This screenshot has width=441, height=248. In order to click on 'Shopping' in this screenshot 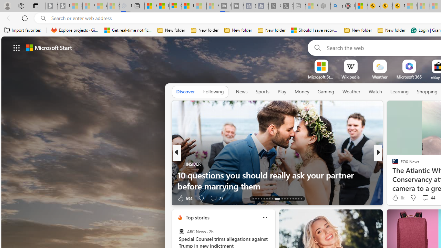, I will do `click(427, 91)`.